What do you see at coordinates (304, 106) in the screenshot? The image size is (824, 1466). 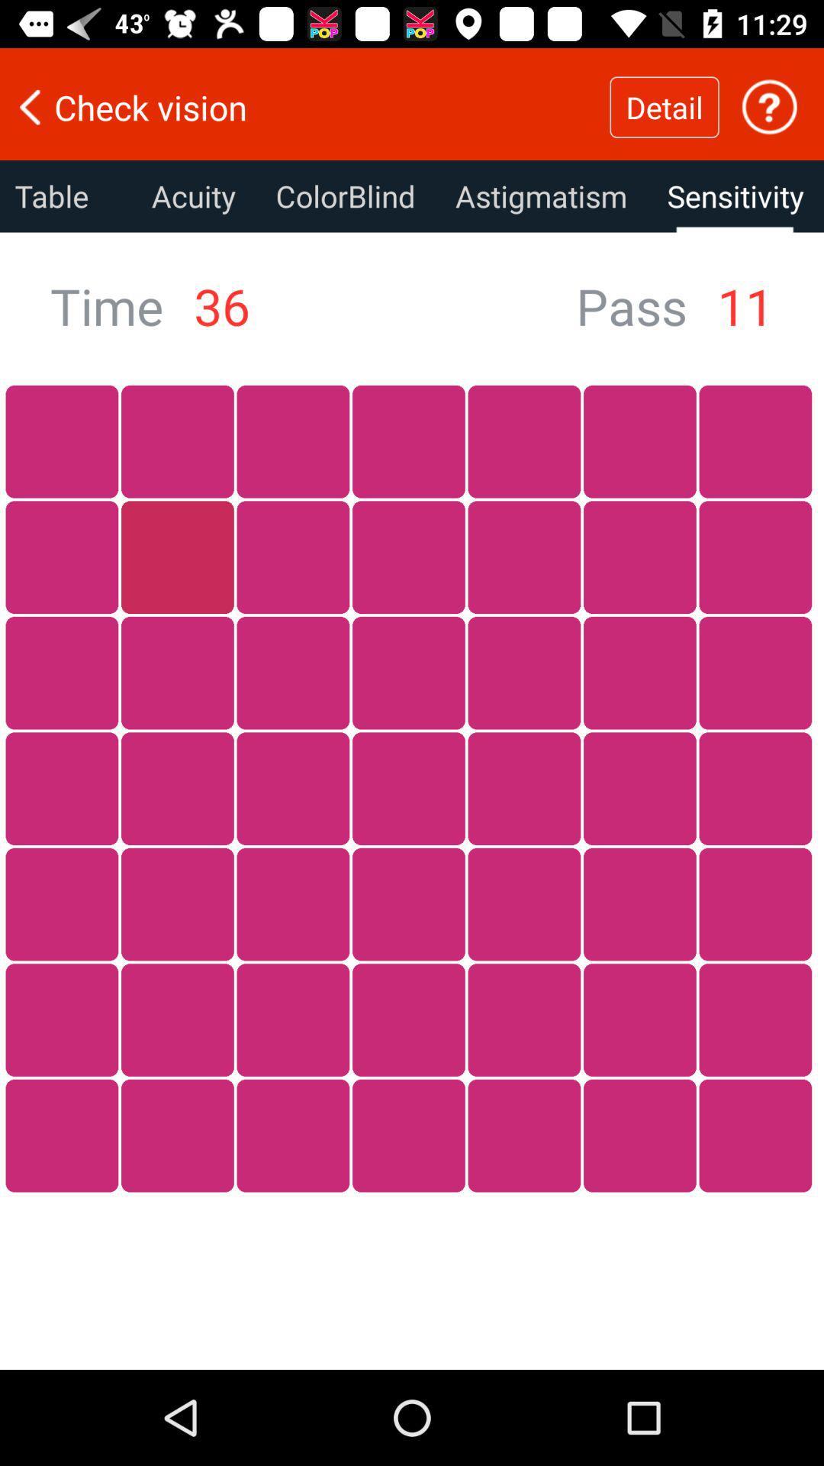 I see `check vision` at bounding box center [304, 106].